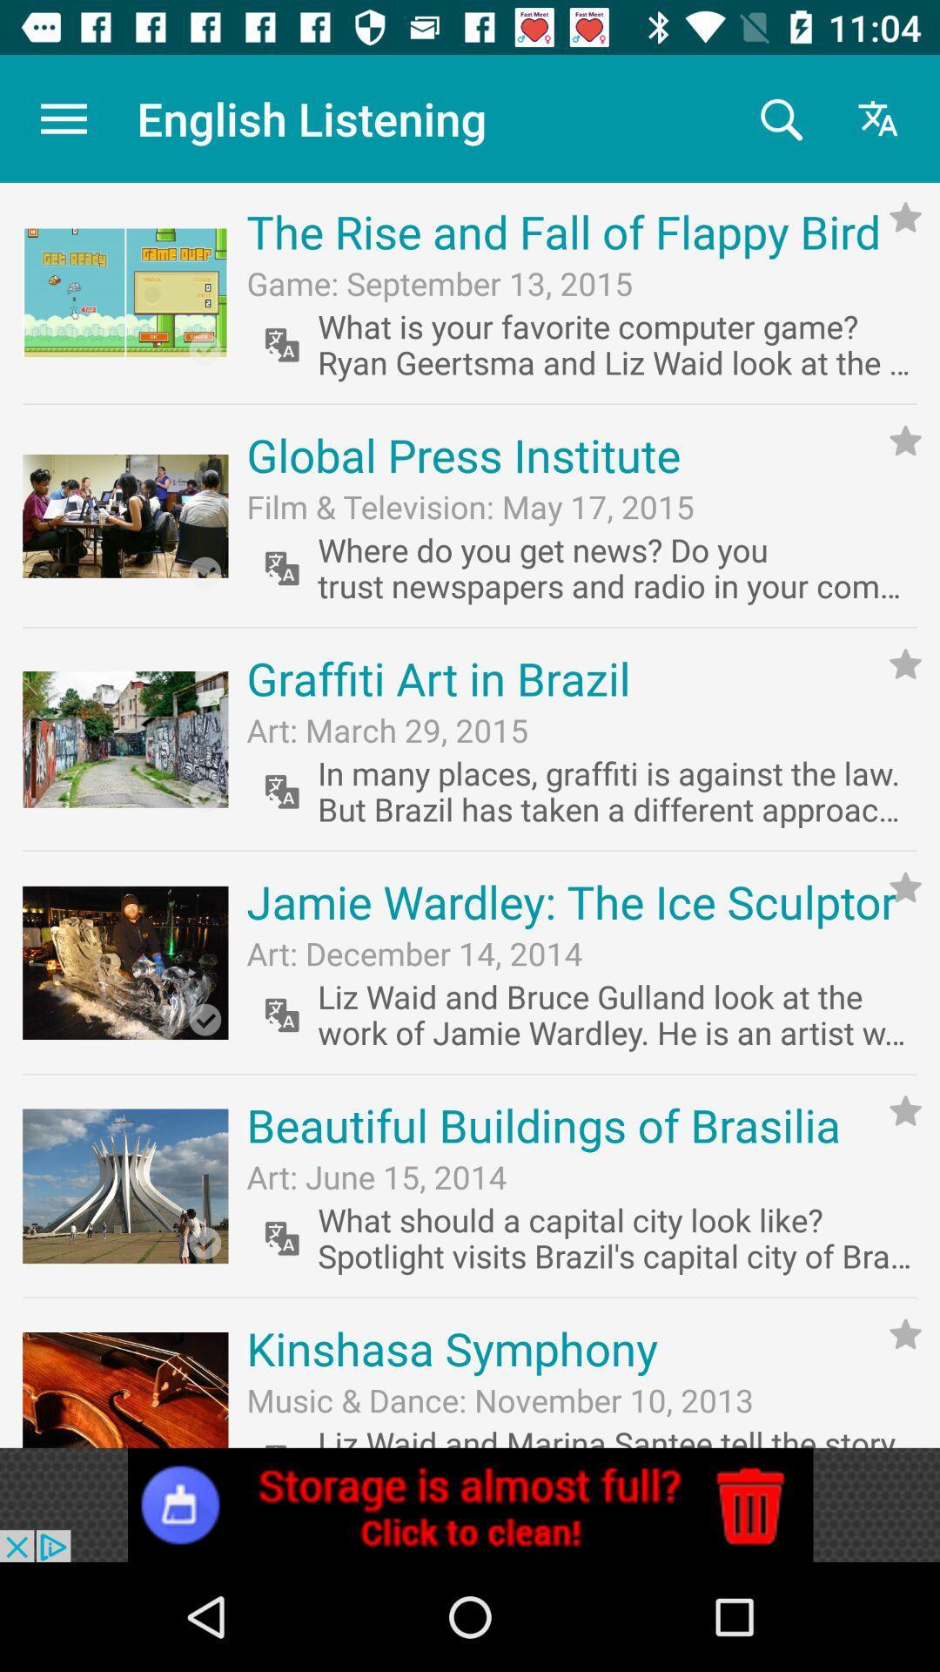 This screenshot has height=1672, width=940. What do you see at coordinates (63, 118) in the screenshot?
I see `open menu` at bounding box center [63, 118].